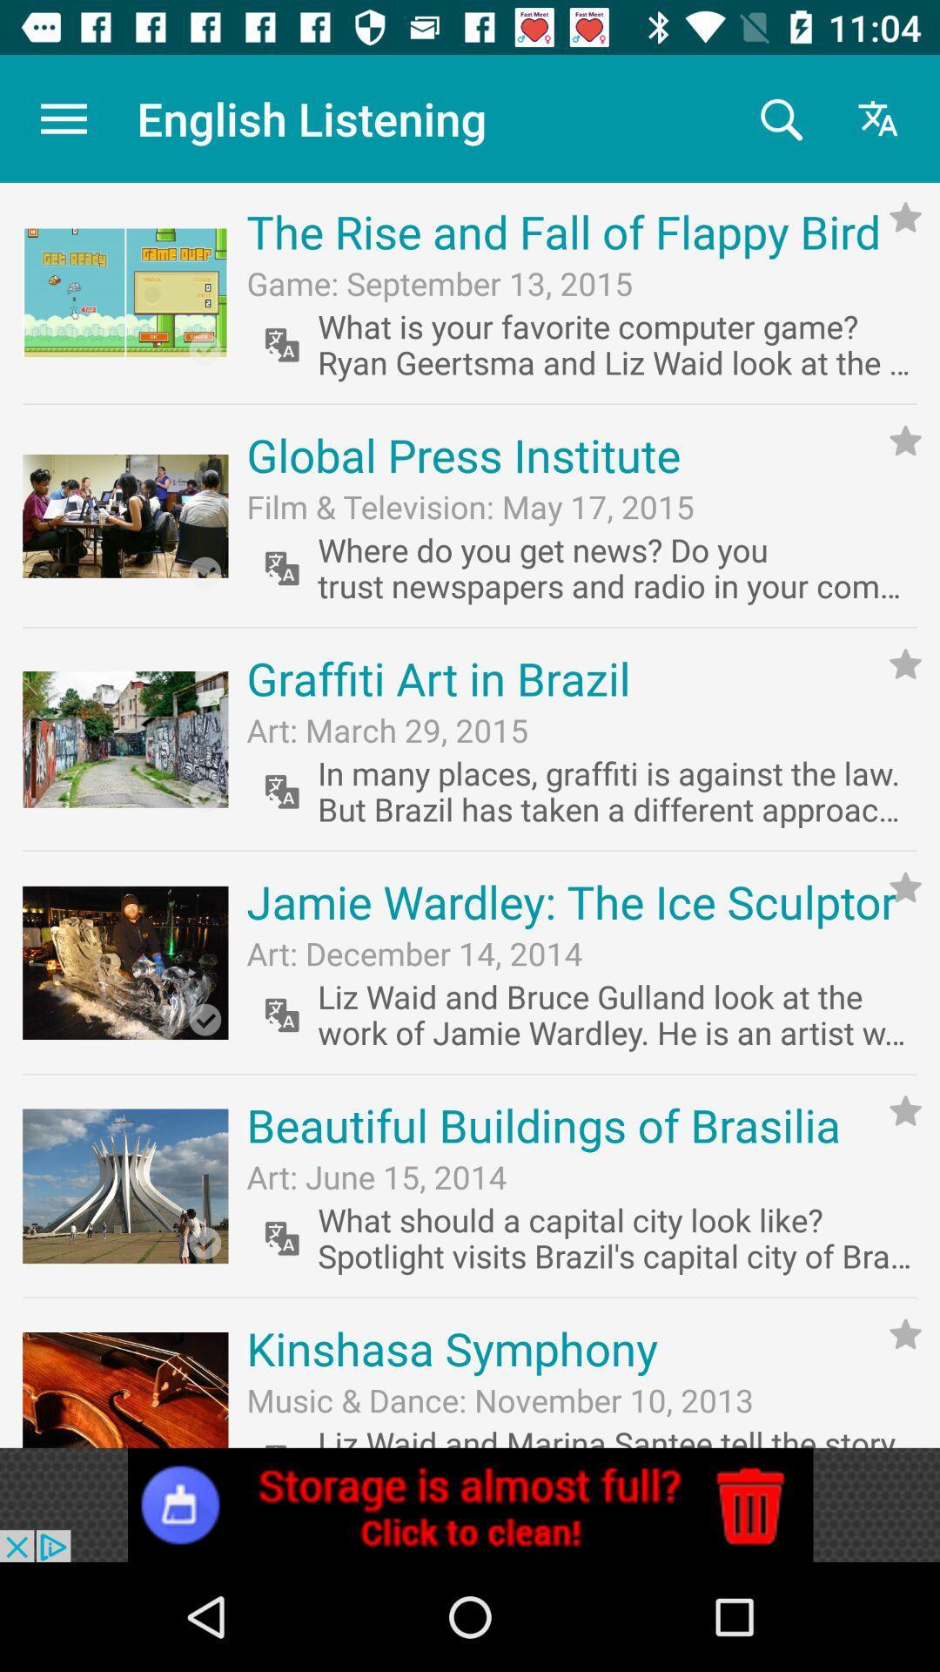 This screenshot has height=1672, width=940. What do you see at coordinates (63, 118) in the screenshot?
I see `open menu` at bounding box center [63, 118].